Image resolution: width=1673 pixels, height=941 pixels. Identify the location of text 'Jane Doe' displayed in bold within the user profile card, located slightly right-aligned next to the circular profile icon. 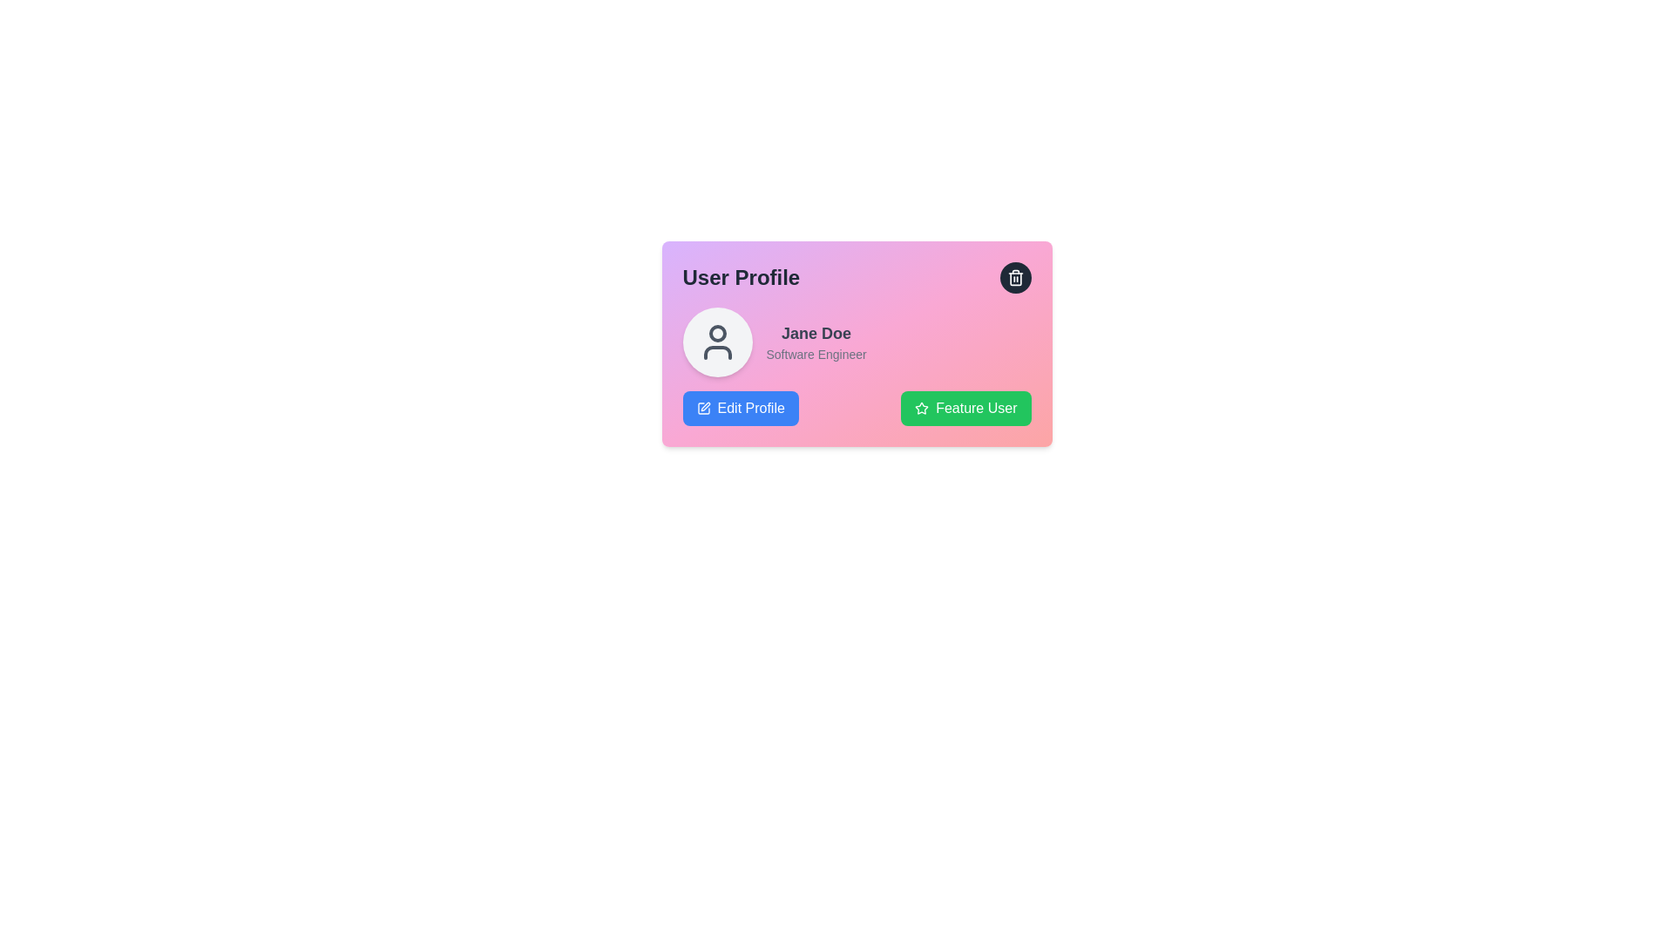
(816, 342).